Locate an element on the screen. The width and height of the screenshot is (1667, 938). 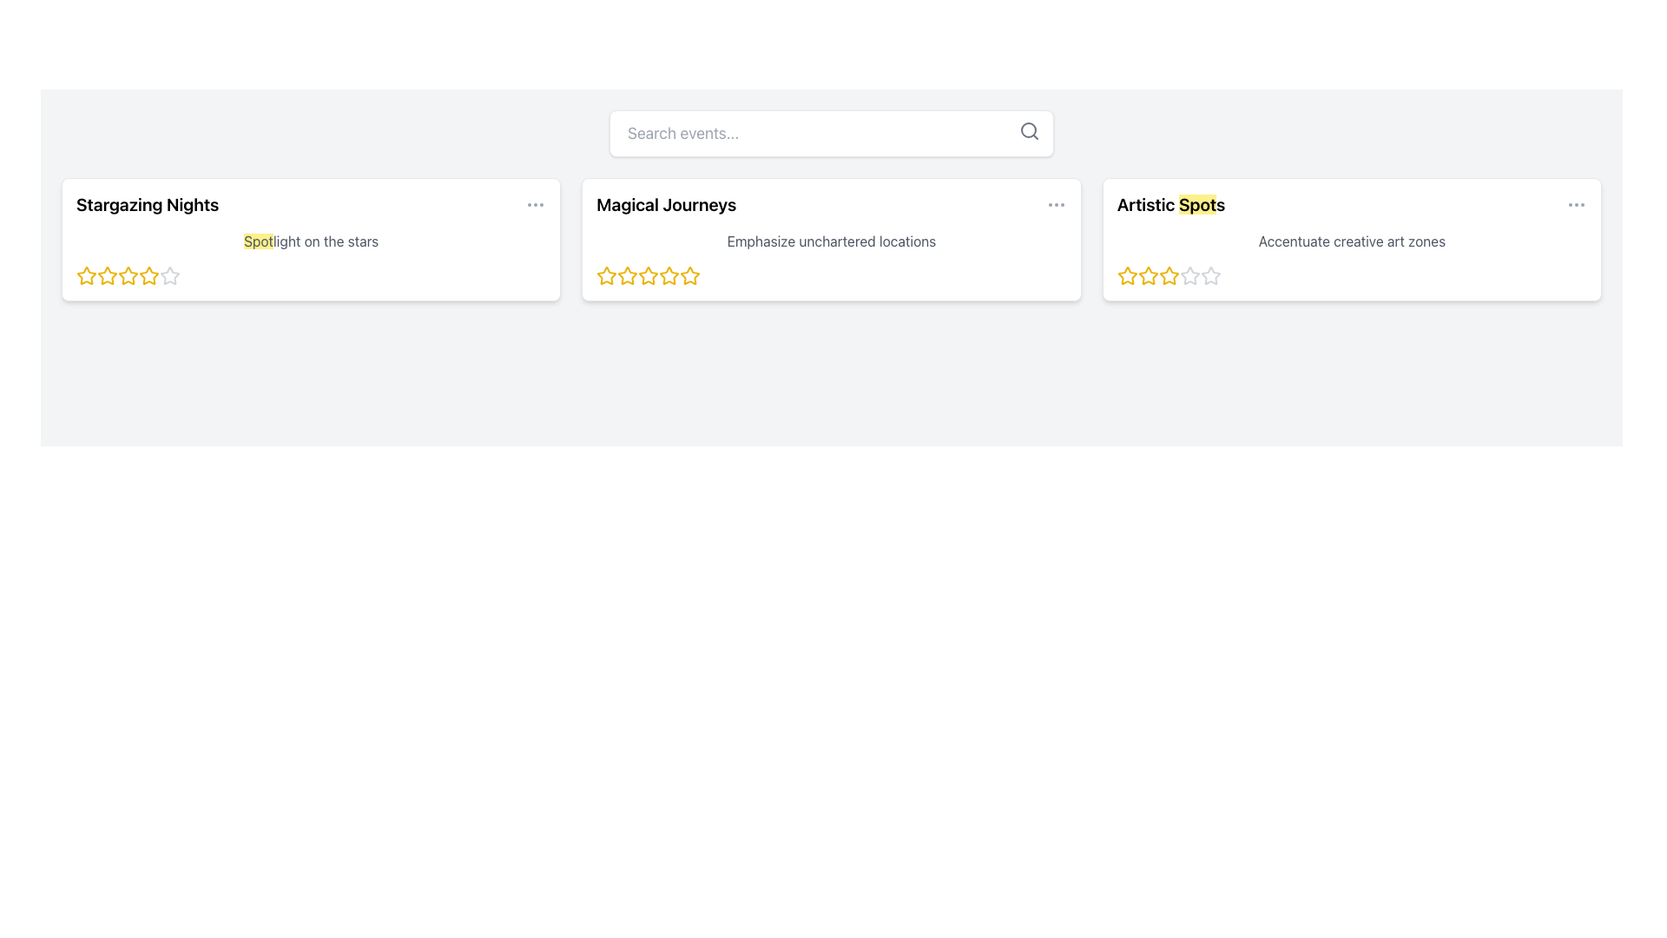
the third star in the set of five stars on the 'Artistic Spots' card is located at coordinates (1169, 274).